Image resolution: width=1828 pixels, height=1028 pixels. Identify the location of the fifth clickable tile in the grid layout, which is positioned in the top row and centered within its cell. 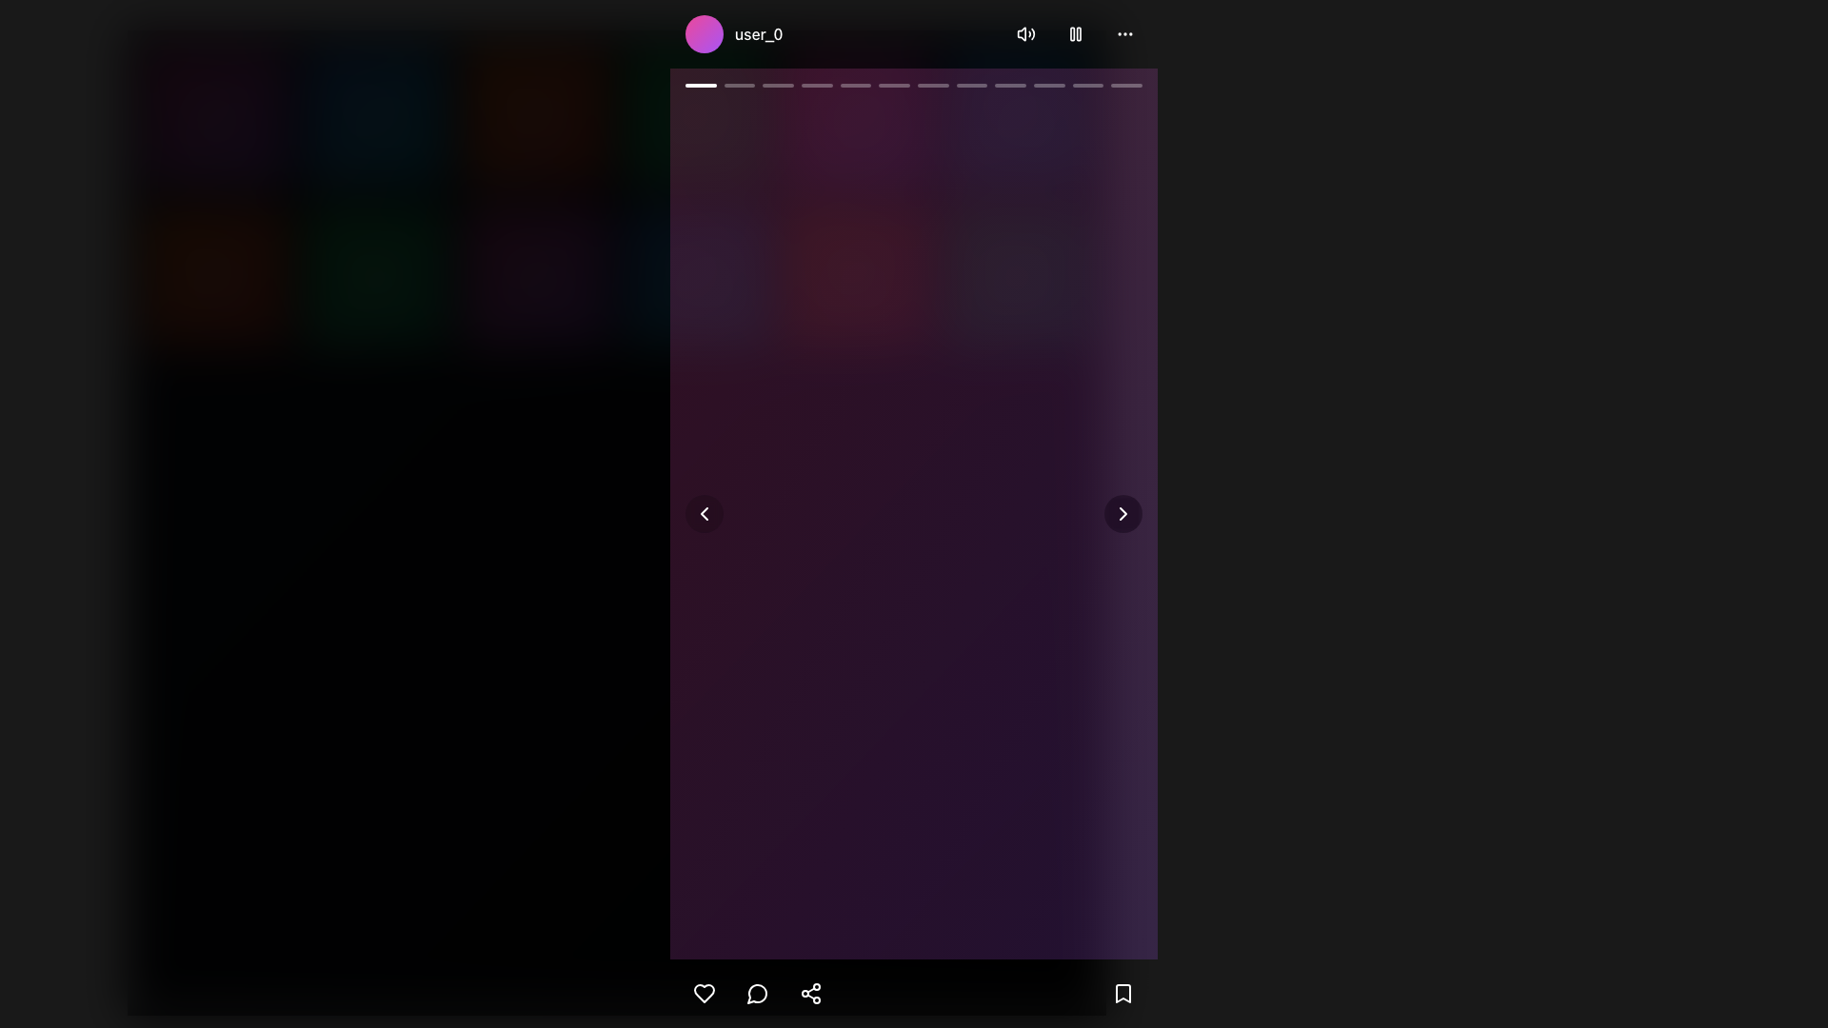
(696, 118).